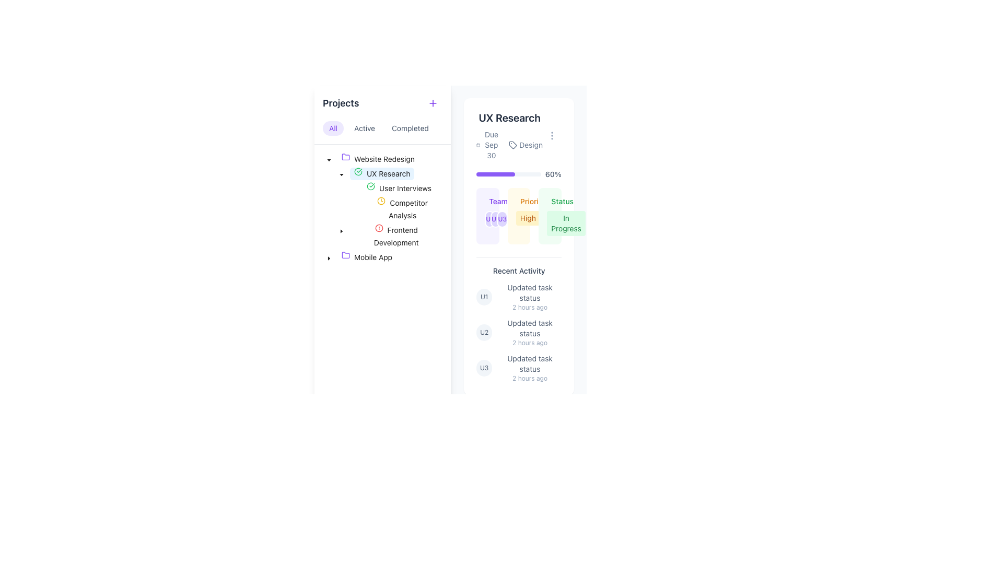 This screenshot has width=1003, height=564. What do you see at coordinates (433, 103) in the screenshot?
I see `the circular button for creating a new project in the 'Projects' section` at bounding box center [433, 103].